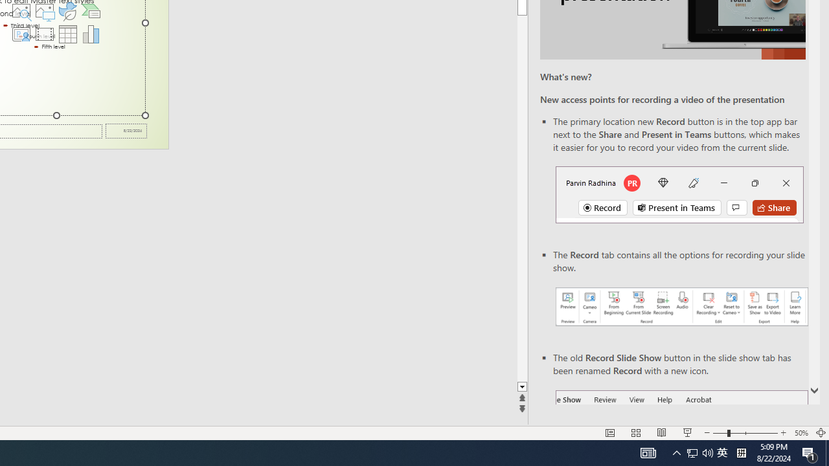  I want to click on 'Stock Images', so click(21, 10).